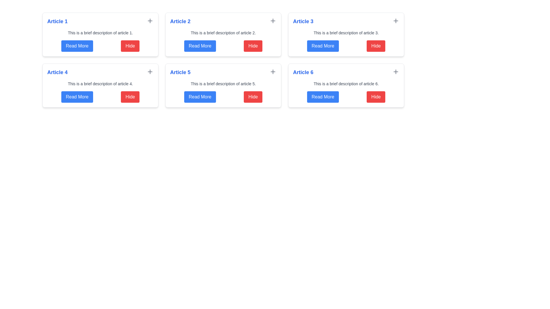  What do you see at coordinates (346, 33) in the screenshot?
I see `the static text that reads 'This is a brief description of article 3.', which is styled in gray color and located below the title 'Article 3' in the Article 3 card` at bounding box center [346, 33].